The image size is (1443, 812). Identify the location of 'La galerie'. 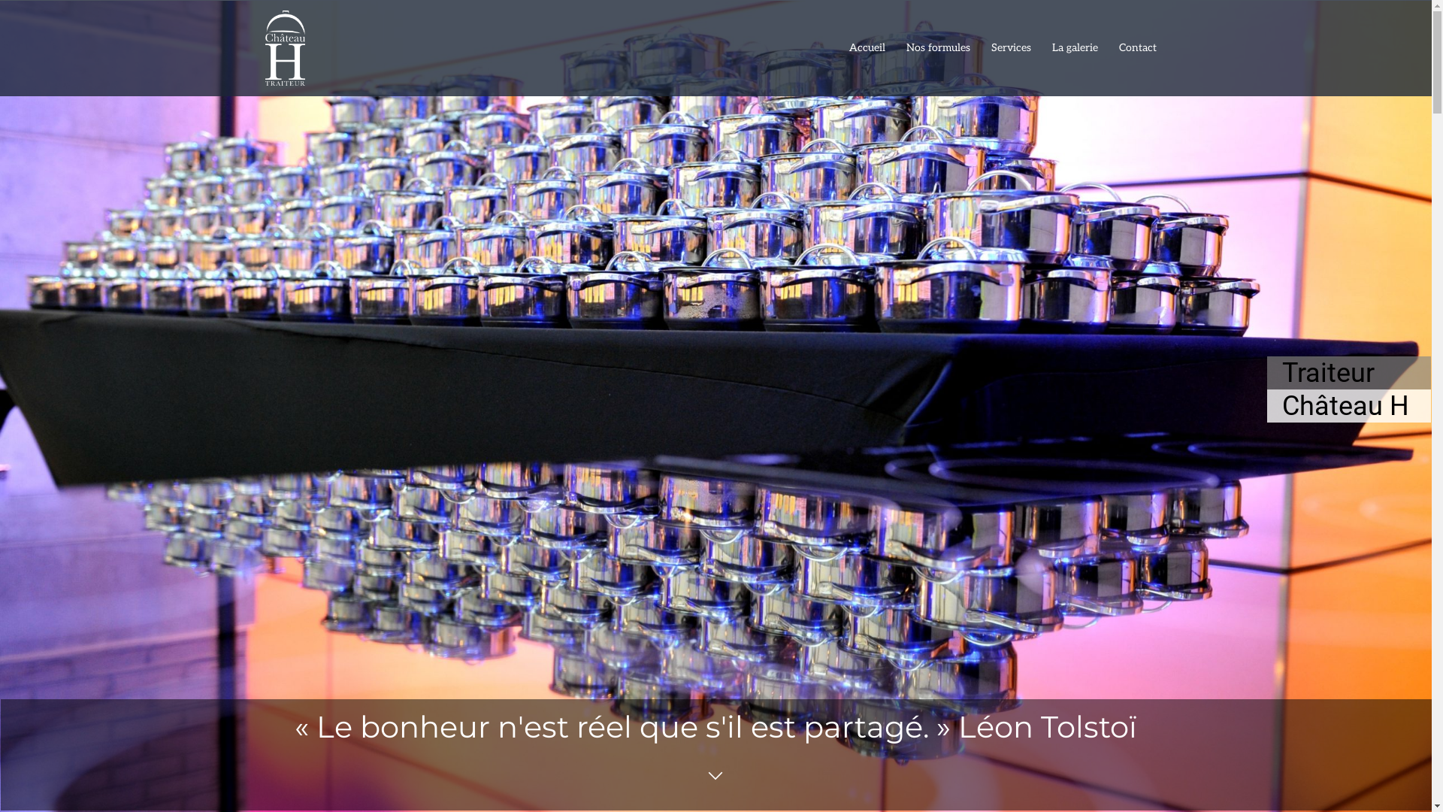
(1074, 47).